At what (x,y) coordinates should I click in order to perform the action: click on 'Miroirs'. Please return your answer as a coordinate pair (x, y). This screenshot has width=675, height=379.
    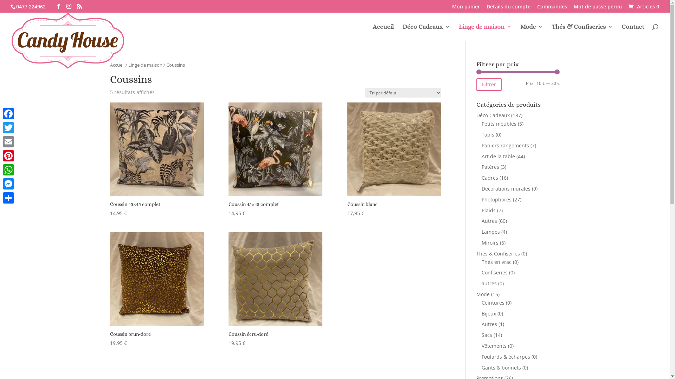
    Looking at the image, I should click on (489, 242).